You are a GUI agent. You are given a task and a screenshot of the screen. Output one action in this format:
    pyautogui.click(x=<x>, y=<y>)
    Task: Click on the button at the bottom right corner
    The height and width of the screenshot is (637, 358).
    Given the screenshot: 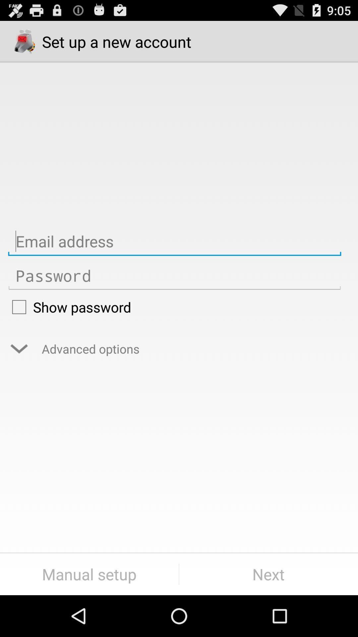 What is the action you would take?
    pyautogui.click(x=268, y=574)
    